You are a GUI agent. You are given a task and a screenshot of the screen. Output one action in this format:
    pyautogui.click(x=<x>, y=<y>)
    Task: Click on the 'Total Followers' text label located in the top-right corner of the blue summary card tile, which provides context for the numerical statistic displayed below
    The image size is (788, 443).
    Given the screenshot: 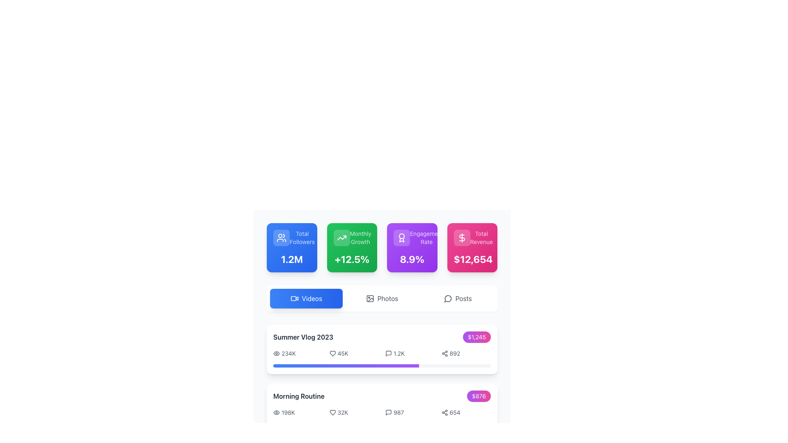 What is the action you would take?
    pyautogui.click(x=302, y=237)
    